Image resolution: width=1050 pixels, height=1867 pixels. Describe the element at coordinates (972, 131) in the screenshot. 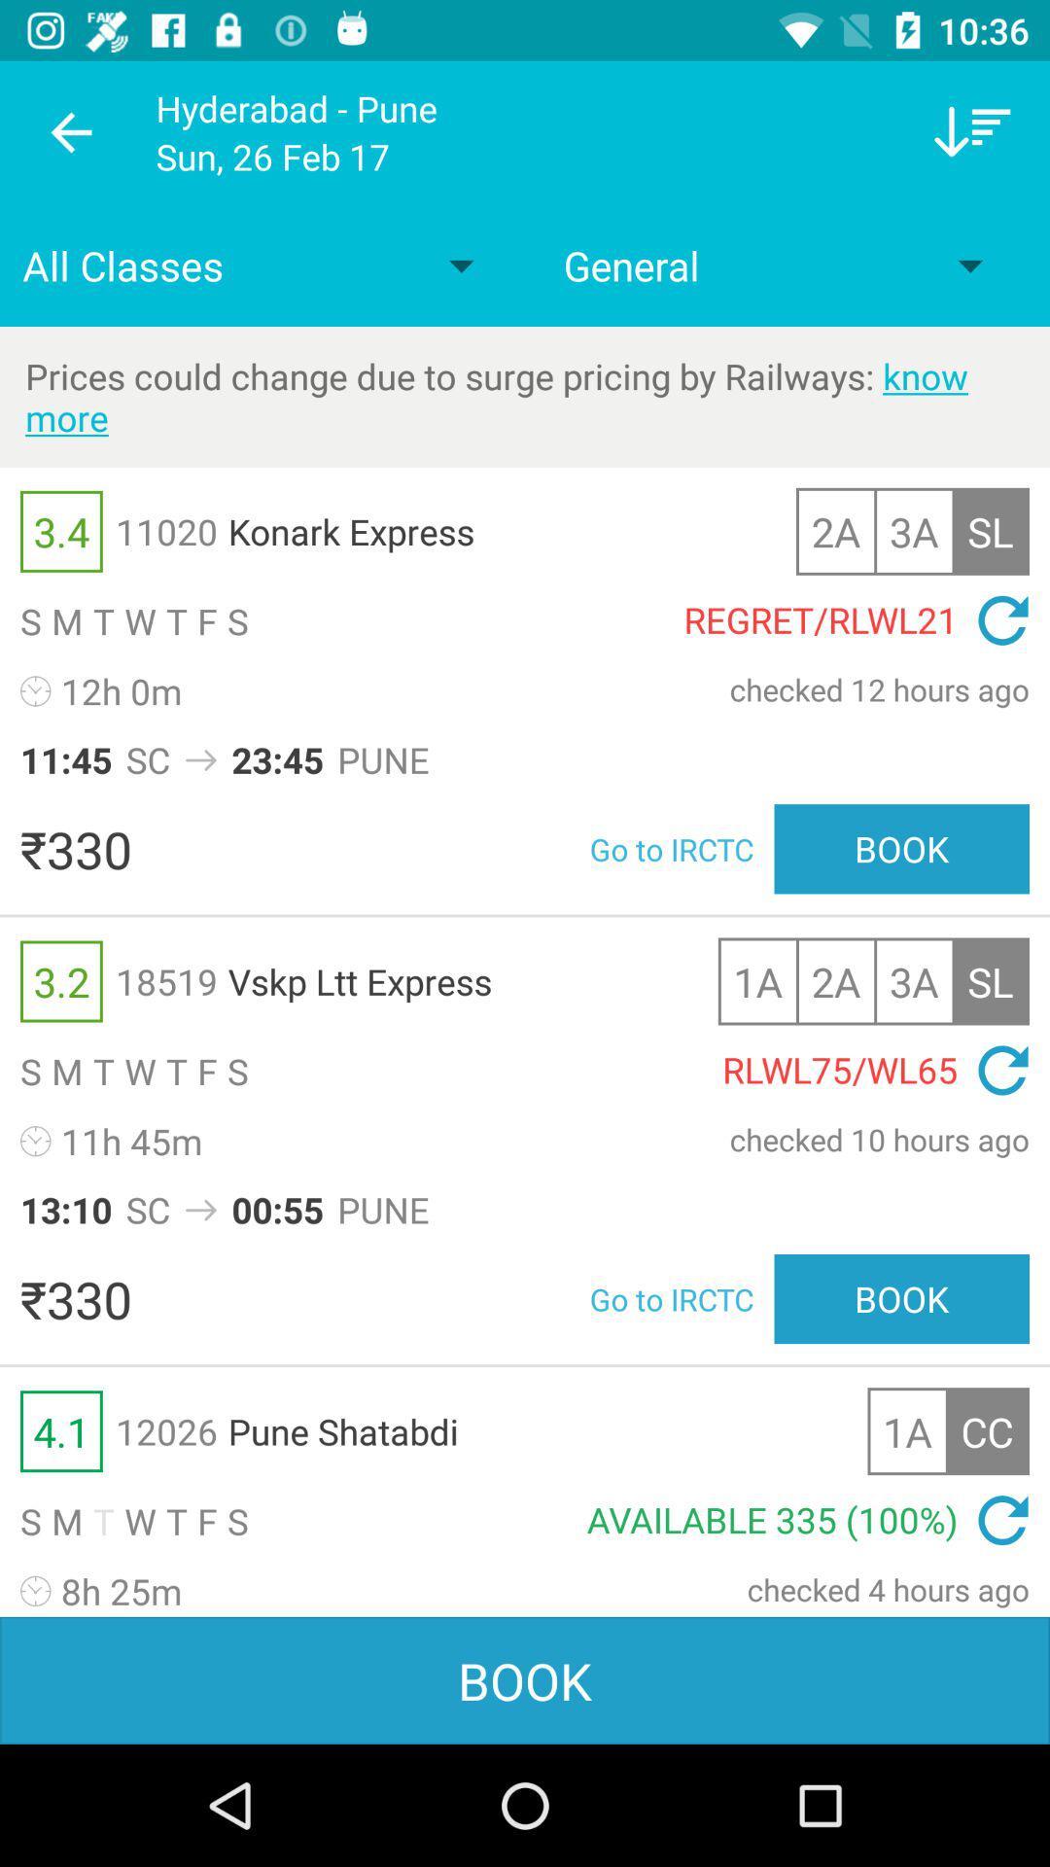

I see `lower volume` at that location.